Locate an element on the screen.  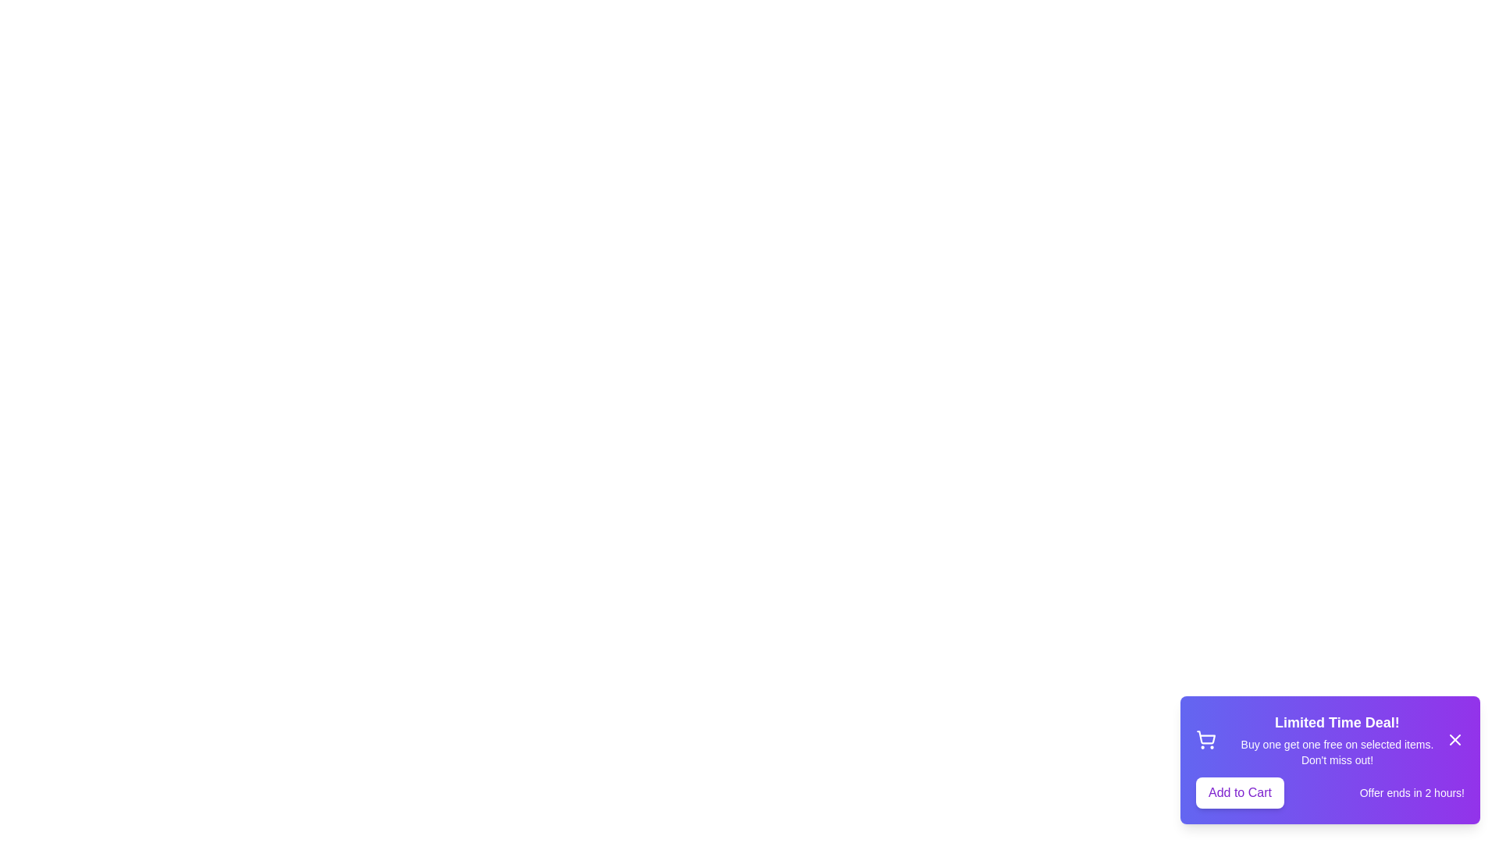
the 'Add to Cart' button to add the item to the cart is located at coordinates (1239, 792).